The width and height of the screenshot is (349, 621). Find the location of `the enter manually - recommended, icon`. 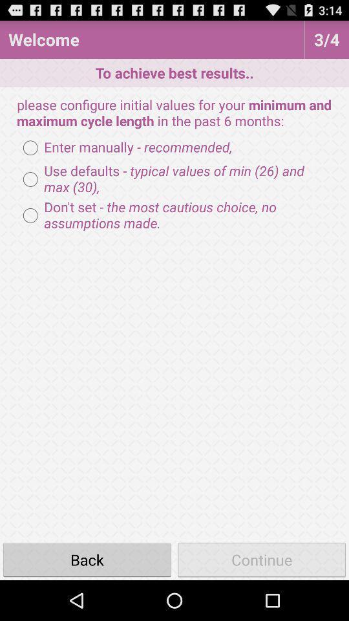

the enter manually - recommended, icon is located at coordinates (124, 147).